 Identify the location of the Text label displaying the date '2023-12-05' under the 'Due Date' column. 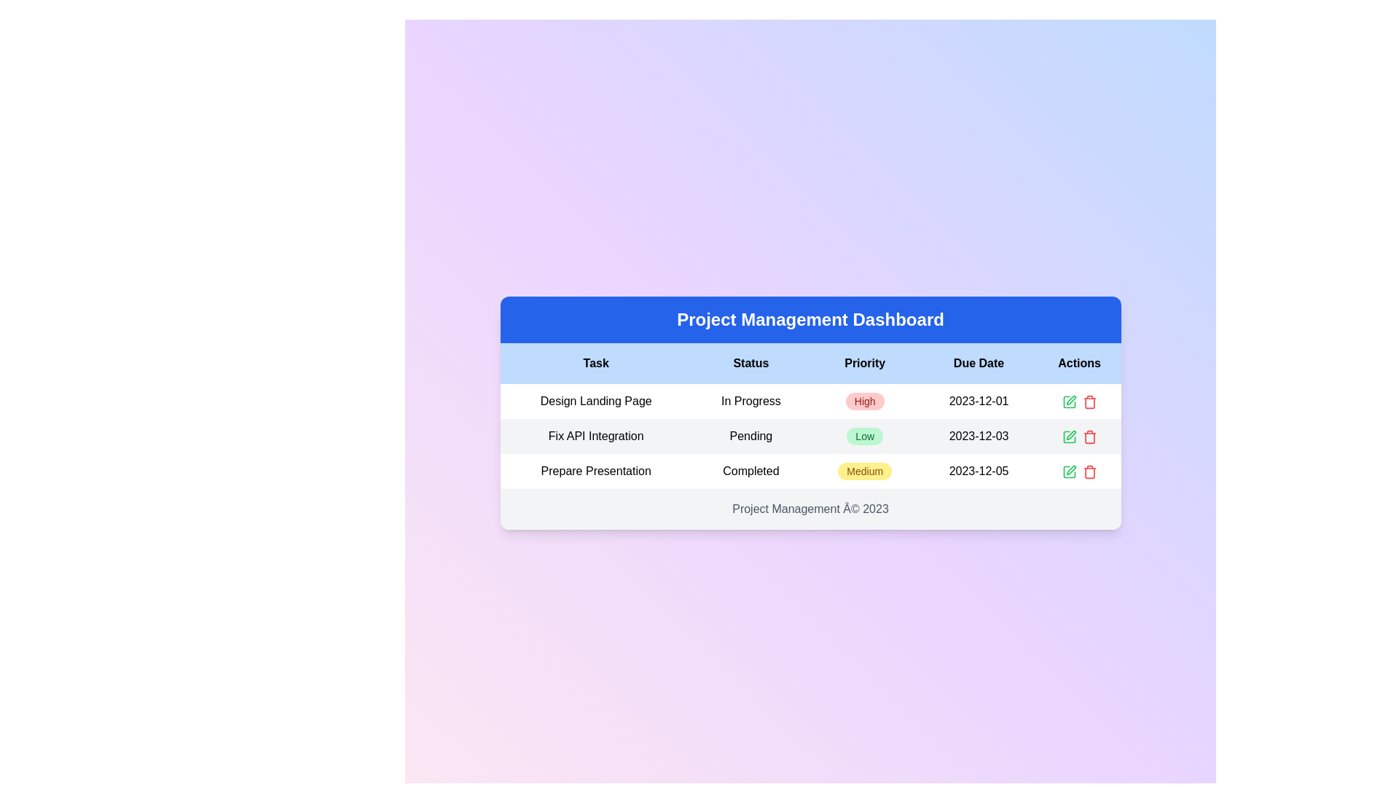
(979, 471).